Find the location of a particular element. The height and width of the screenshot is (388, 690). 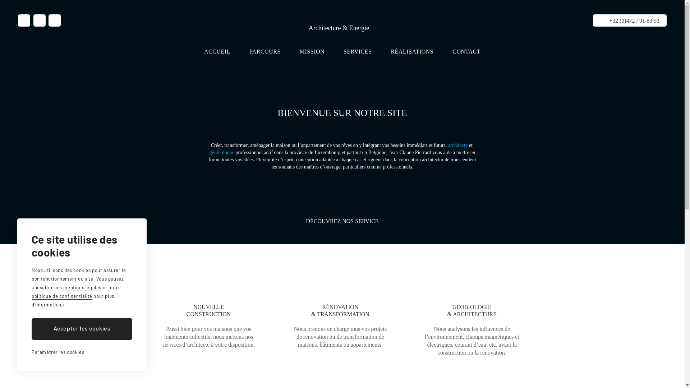

'Jean-Claude Pierrard is located at coordinates (339, 21).